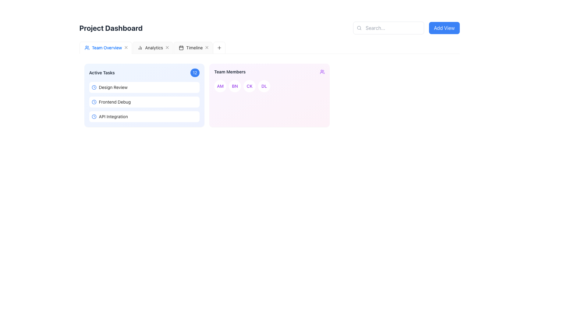 The image size is (585, 329). I want to click on the small rectangular shape with rounded corners that is part of the calendar icon in the 'Timeline' tab of the navigation bar, so click(181, 48).